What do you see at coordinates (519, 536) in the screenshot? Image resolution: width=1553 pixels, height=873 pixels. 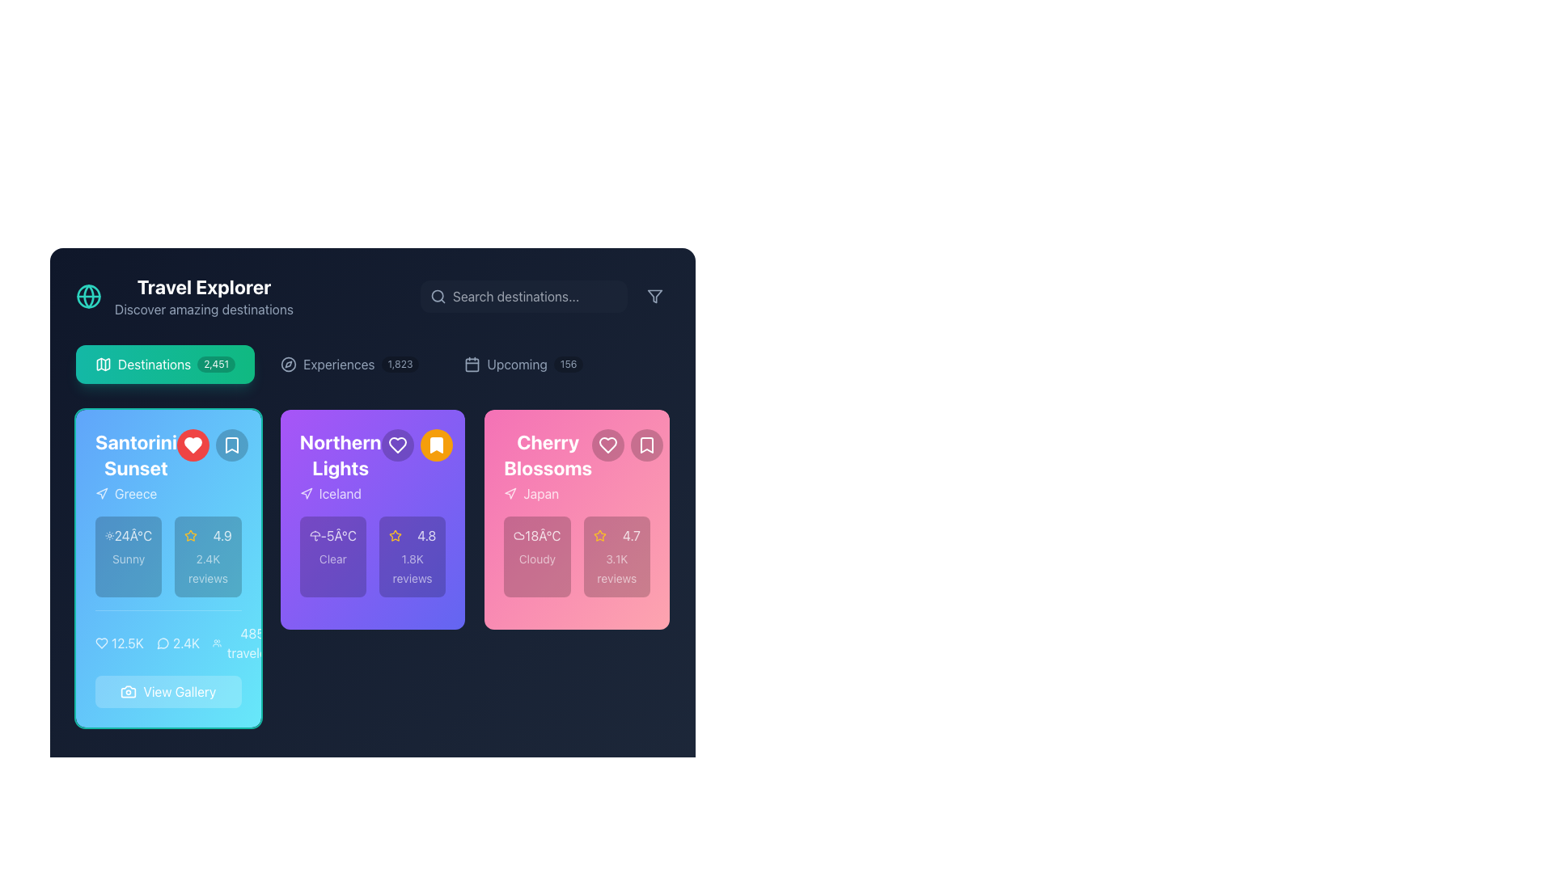 I see `the cloud icon located on the left side of the temperature display area in the 'Cherry Blossoms' card, which precedes the '18°C' text` at bounding box center [519, 536].